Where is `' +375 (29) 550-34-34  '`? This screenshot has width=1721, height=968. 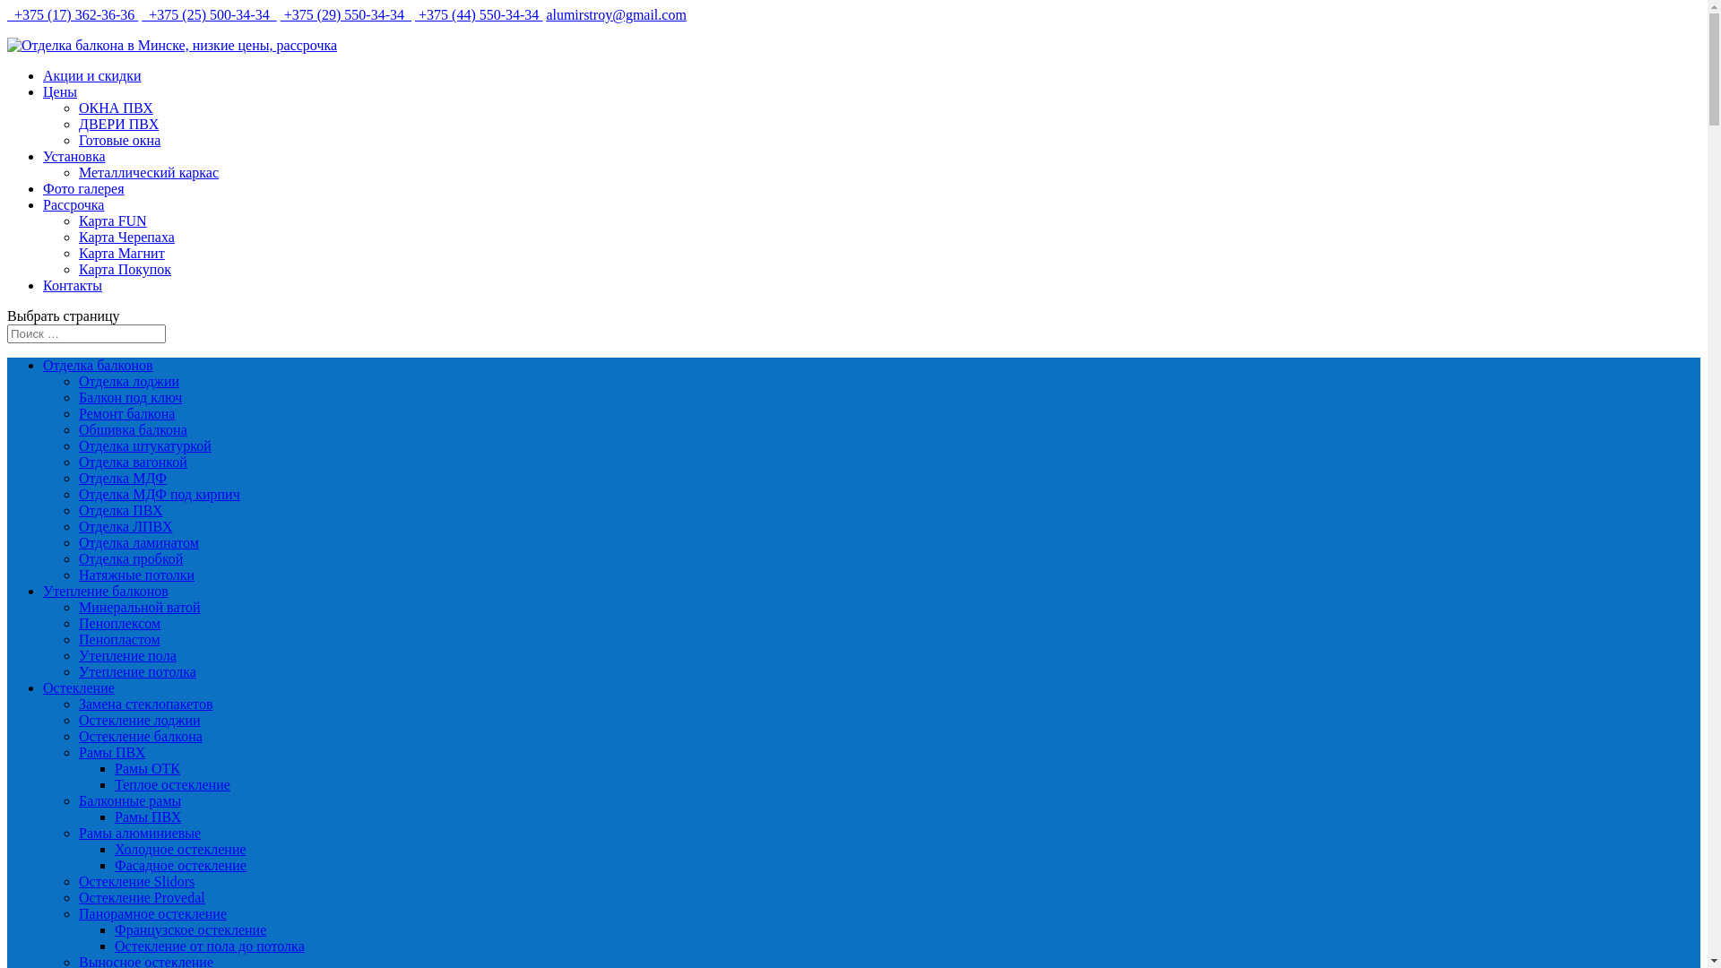
' +375 (29) 550-34-34  ' is located at coordinates (279, 14).